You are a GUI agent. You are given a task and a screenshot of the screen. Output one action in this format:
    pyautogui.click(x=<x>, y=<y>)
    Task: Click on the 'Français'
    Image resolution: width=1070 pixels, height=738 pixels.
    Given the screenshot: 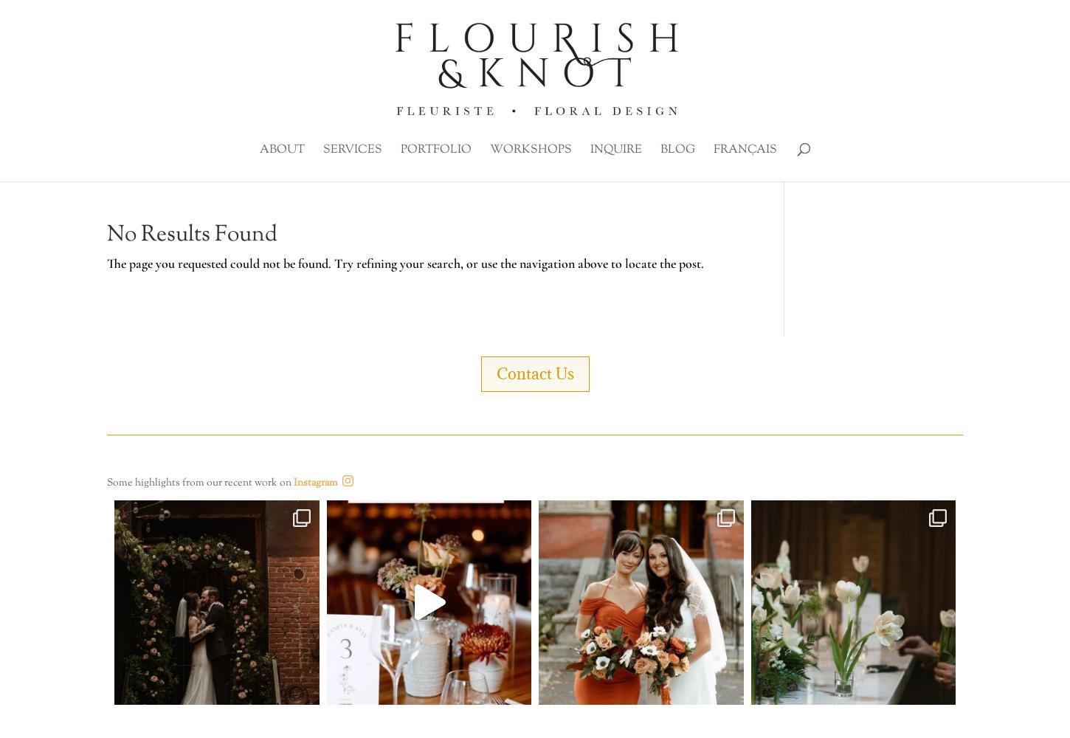 What is the action you would take?
    pyautogui.click(x=745, y=149)
    